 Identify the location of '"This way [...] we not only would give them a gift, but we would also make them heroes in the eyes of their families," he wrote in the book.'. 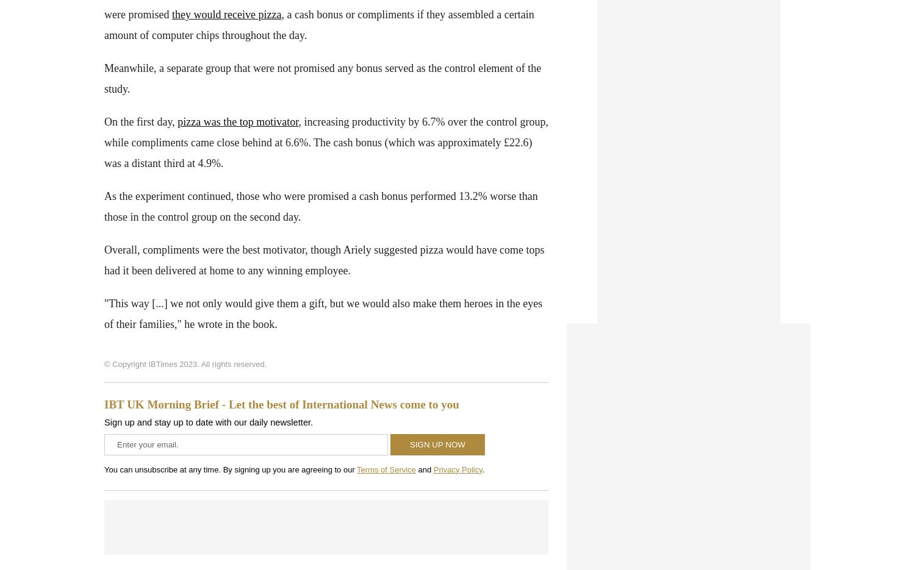
(104, 312).